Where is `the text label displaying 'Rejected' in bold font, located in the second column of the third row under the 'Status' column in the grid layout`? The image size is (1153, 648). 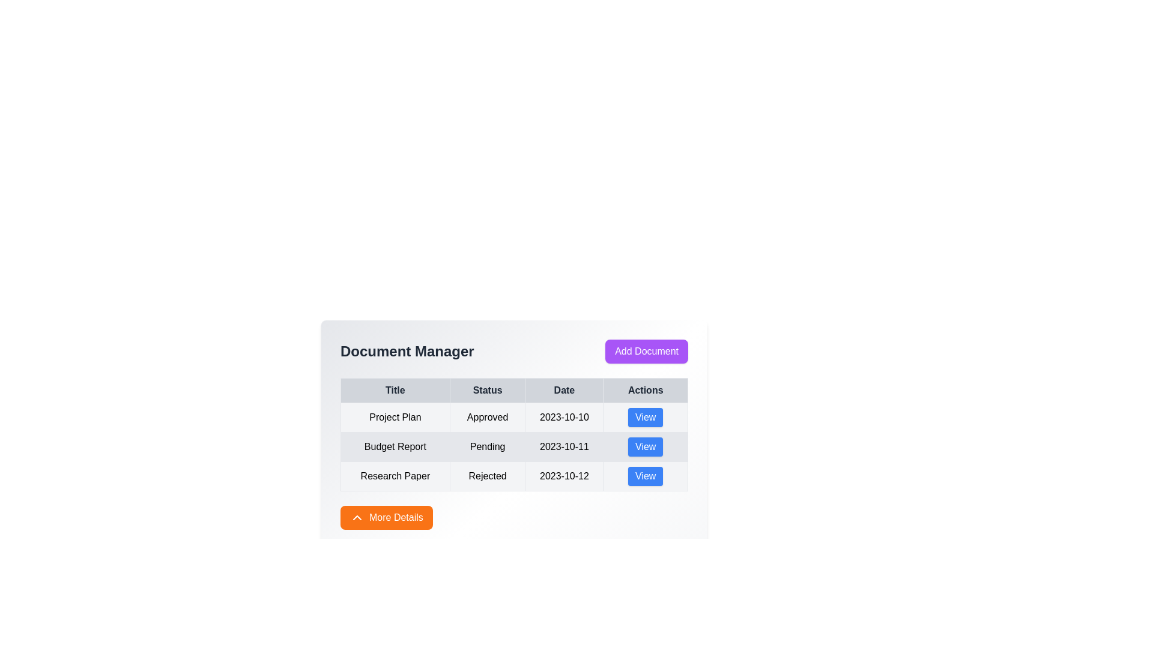 the text label displaying 'Rejected' in bold font, located in the second column of the third row under the 'Status' column in the grid layout is located at coordinates (488, 476).